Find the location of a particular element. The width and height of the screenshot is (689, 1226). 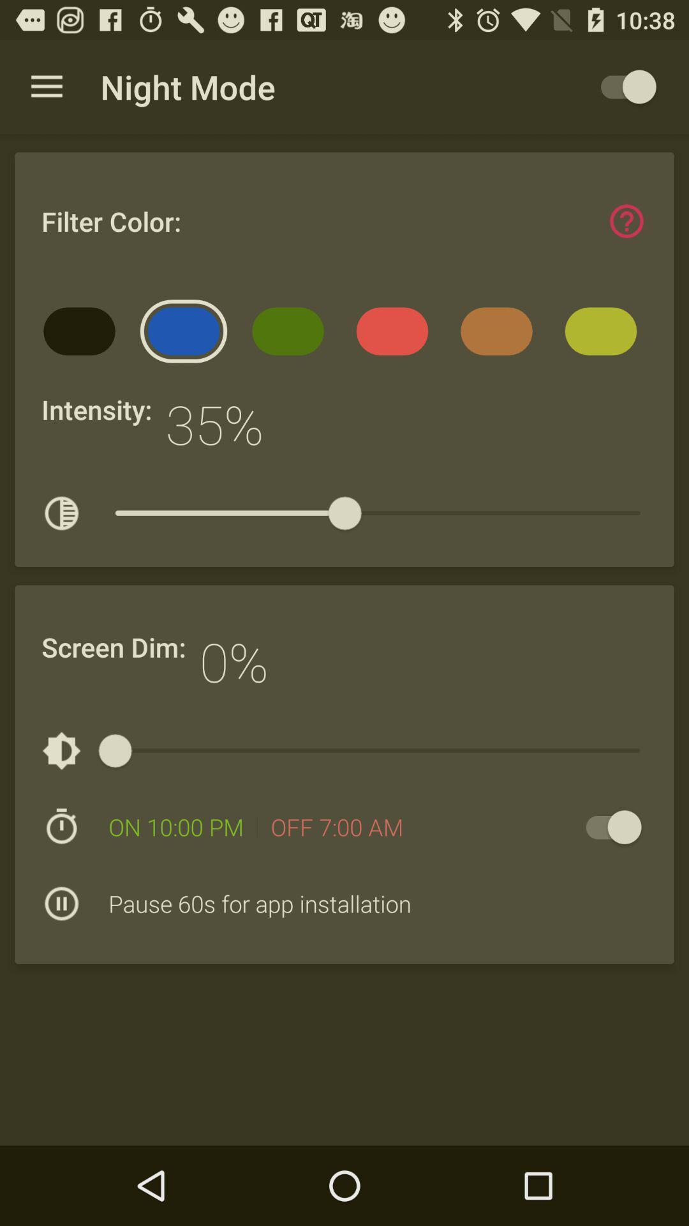

the on 10 00 item is located at coordinates (176, 827).